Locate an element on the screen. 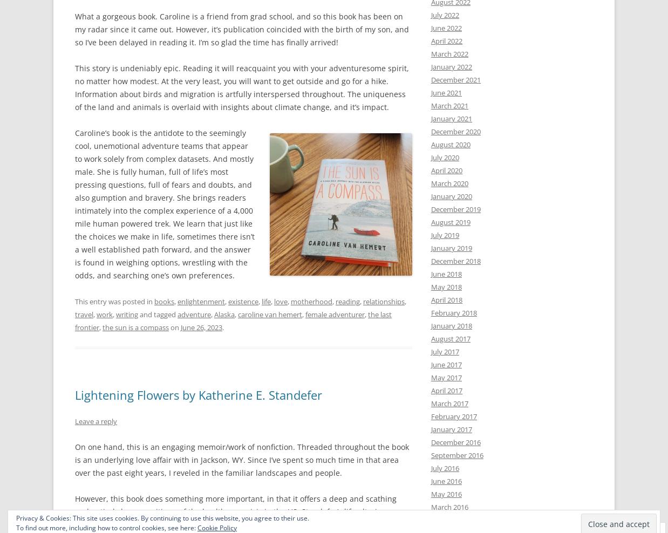 Image resolution: width=668 pixels, height=533 pixels. 'June 2022' is located at coordinates (431, 27).